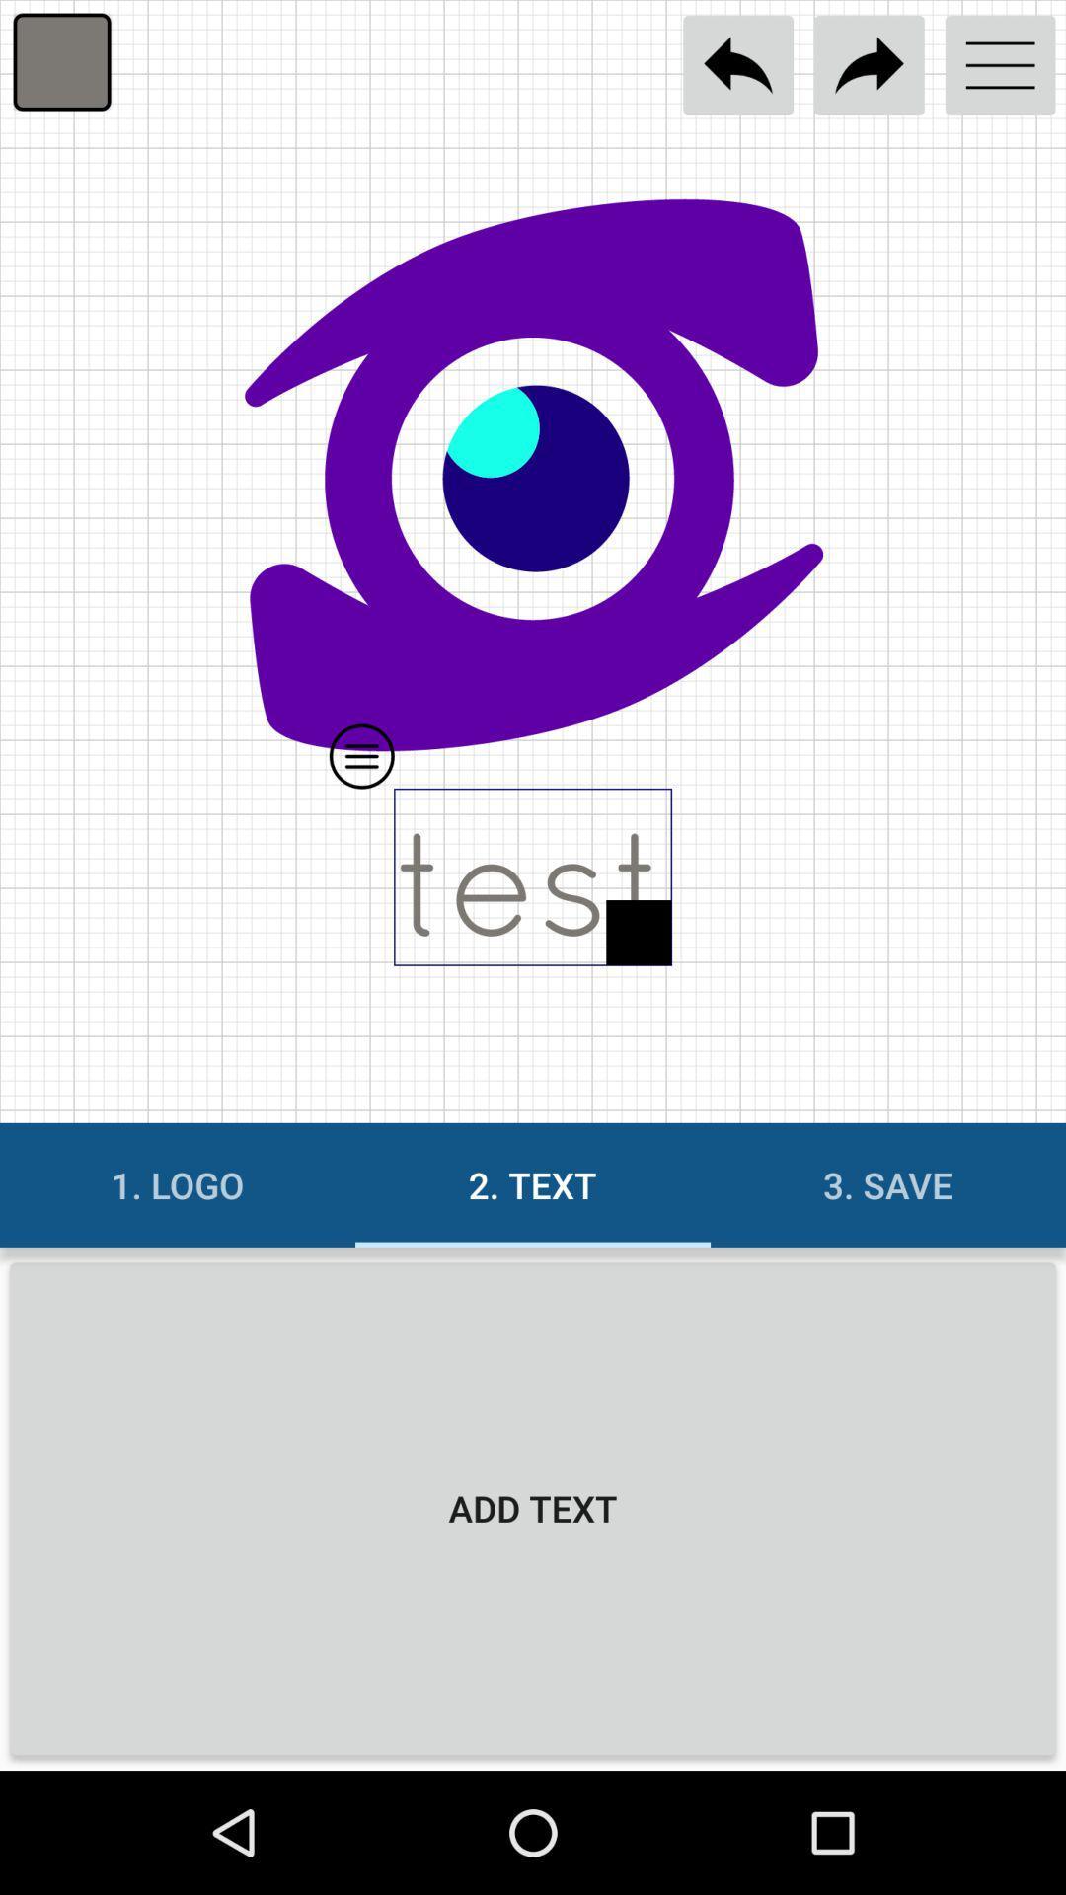  Describe the element at coordinates (1000, 65) in the screenshot. I see `open menu` at that location.